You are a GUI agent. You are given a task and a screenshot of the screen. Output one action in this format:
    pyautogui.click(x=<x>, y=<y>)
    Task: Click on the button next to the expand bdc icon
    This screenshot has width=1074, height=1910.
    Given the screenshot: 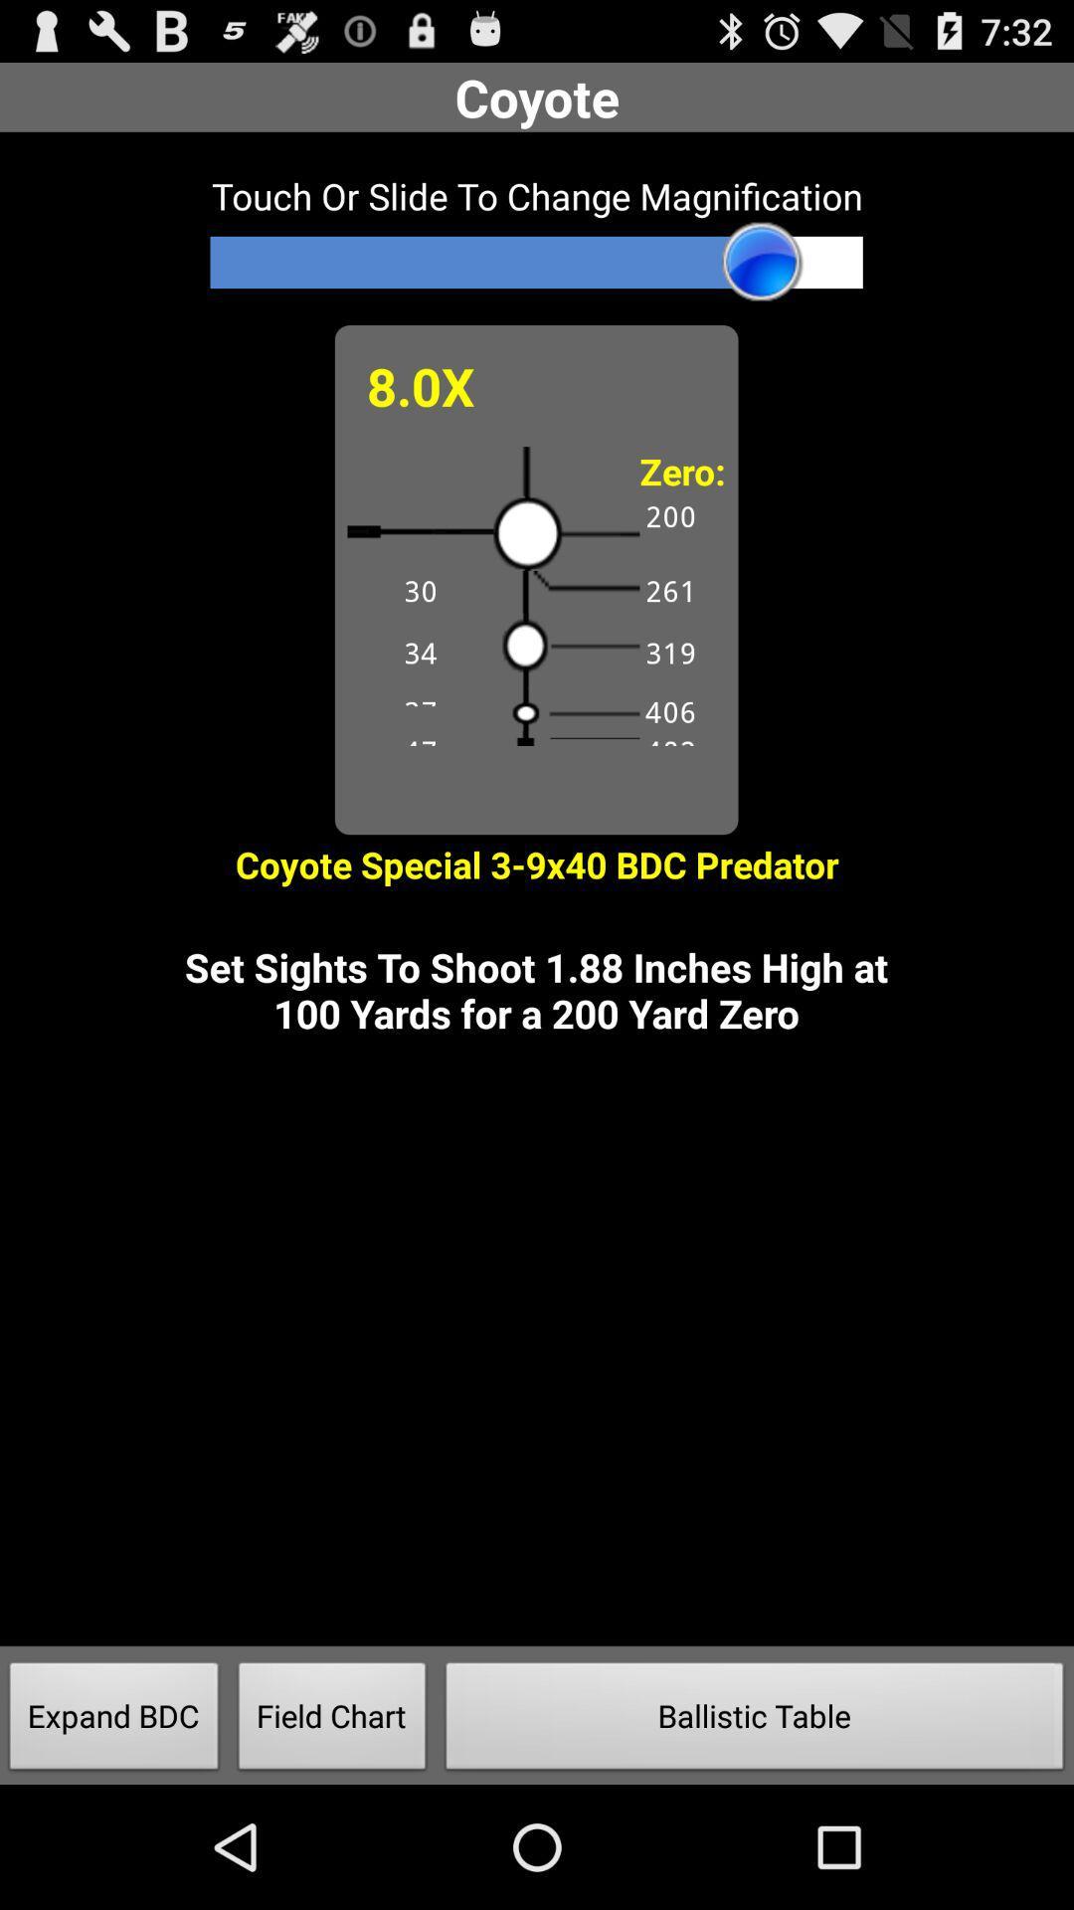 What is the action you would take?
    pyautogui.click(x=331, y=1721)
    